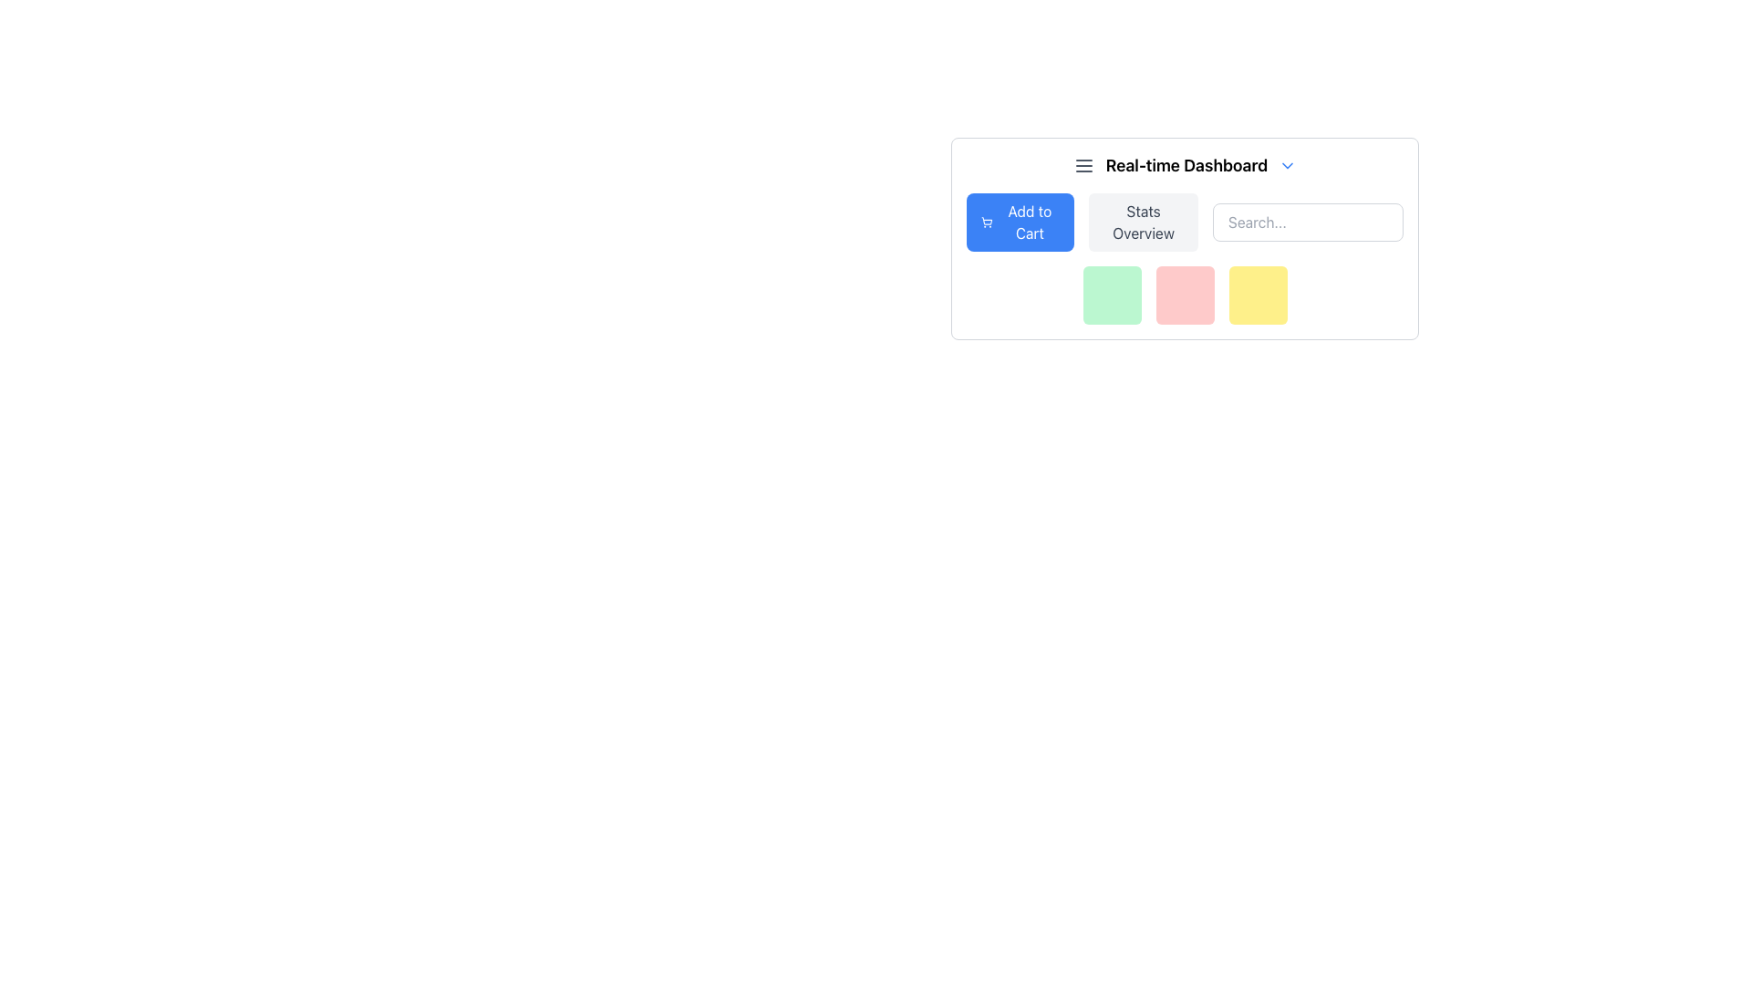 The image size is (1751, 985). Describe the element at coordinates (1185, 221) in the screenshot. I see `the light gray rectangular area labeled 'Stats Overview'` at that location.